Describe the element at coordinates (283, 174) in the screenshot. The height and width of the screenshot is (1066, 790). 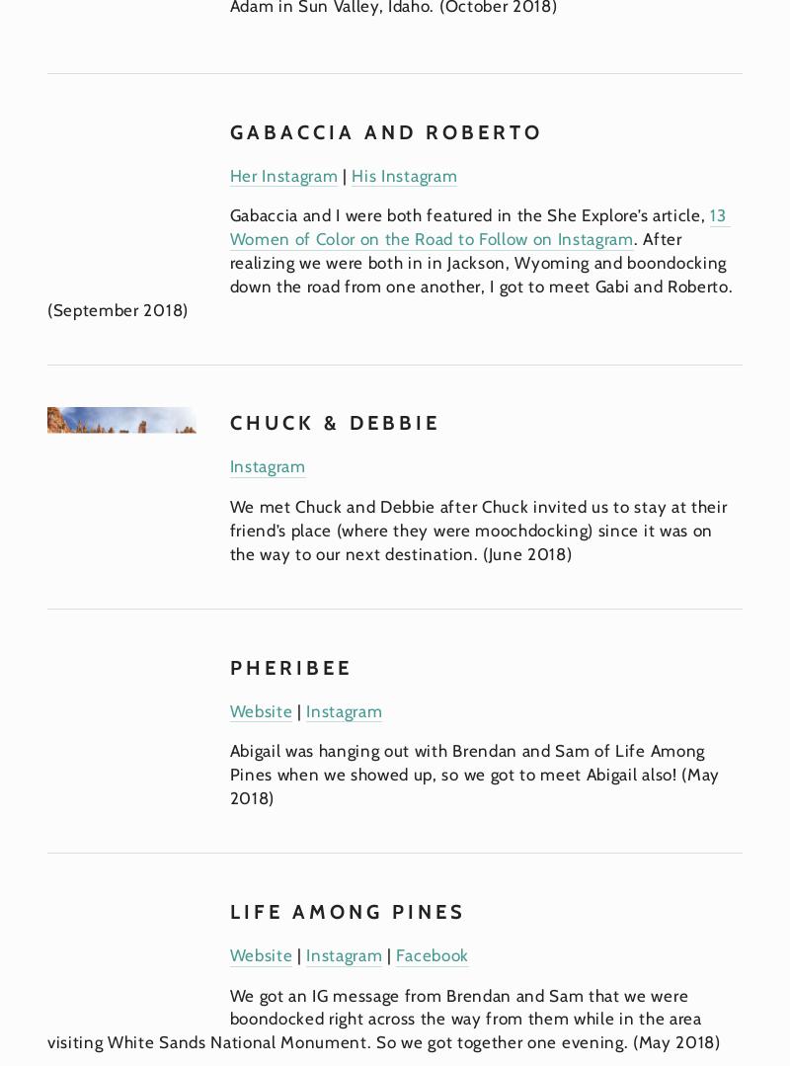
I see `'Her Instagram'` at that location.